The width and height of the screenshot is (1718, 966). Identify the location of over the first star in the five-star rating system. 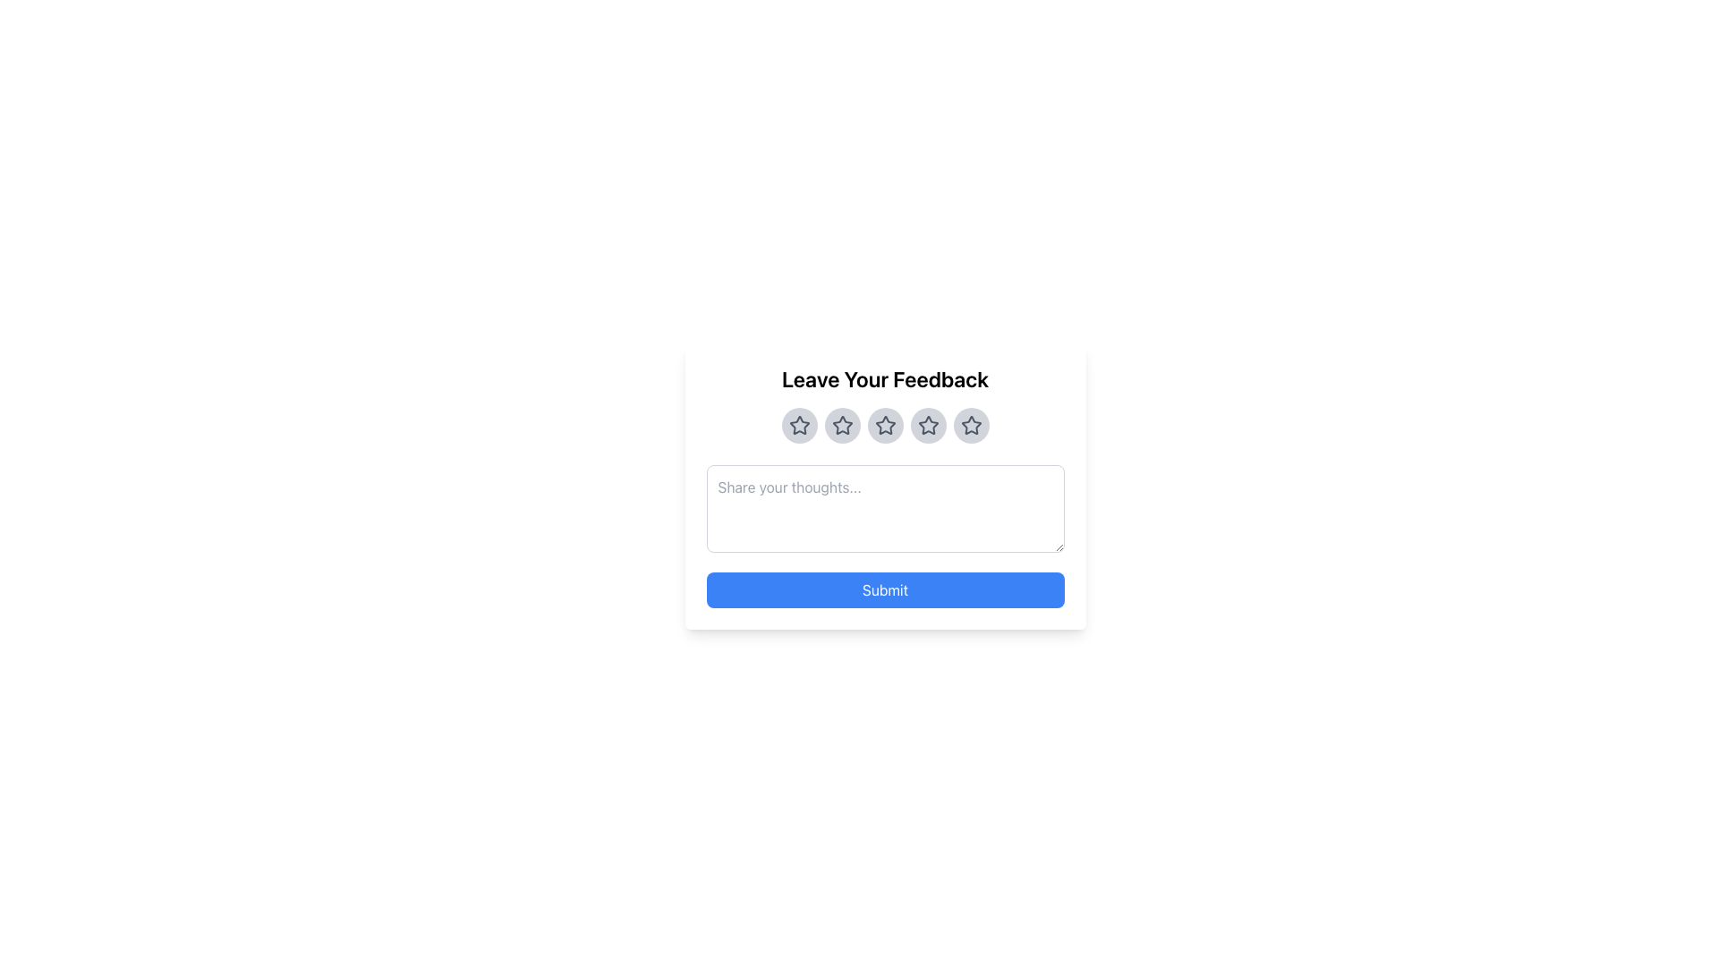
(798, 425).